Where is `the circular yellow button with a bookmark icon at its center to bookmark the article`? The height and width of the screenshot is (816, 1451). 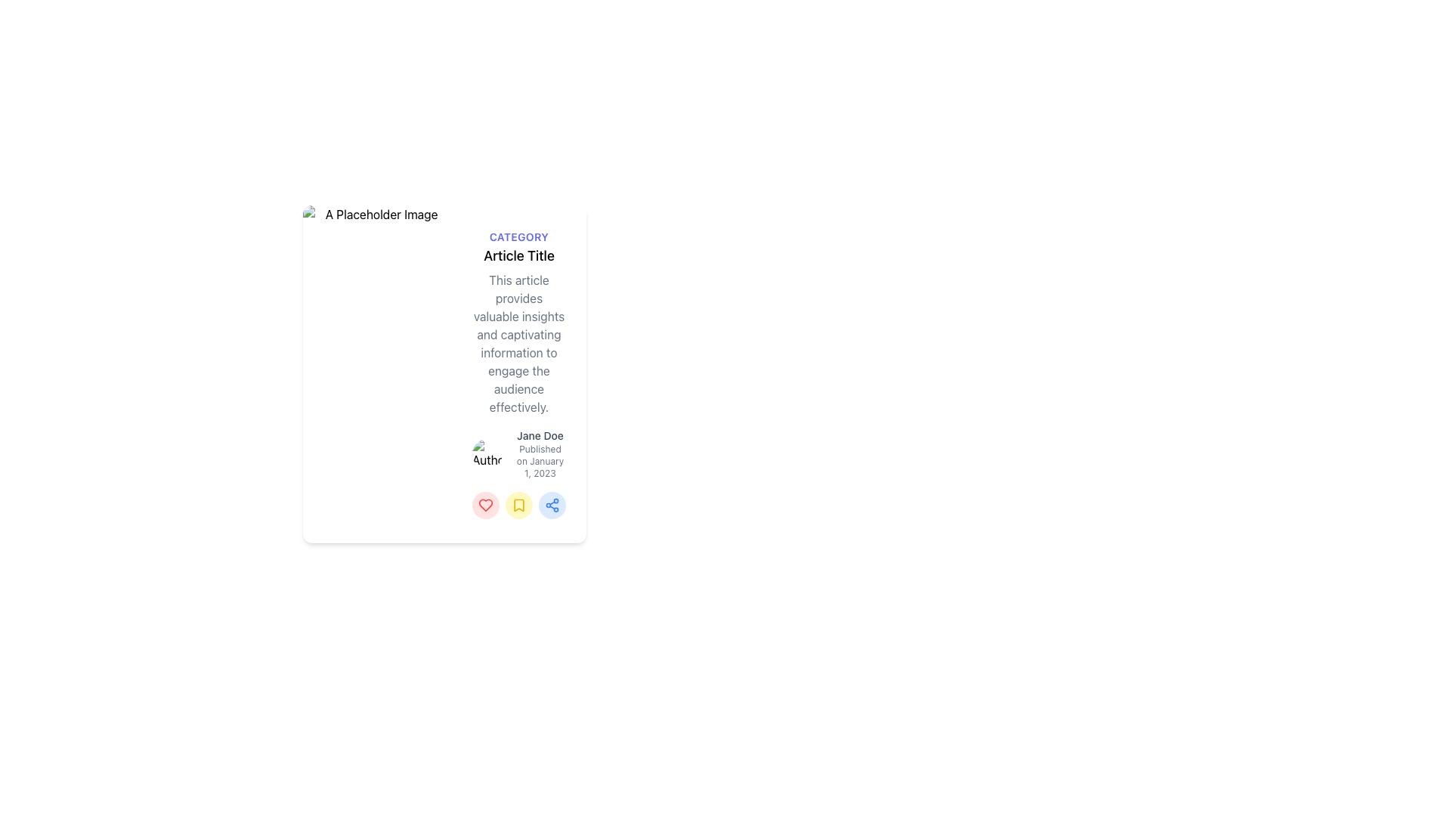 the circular yellow button with a bookmark icon at its center to bookmark the article is located at coordinates (518, 505).